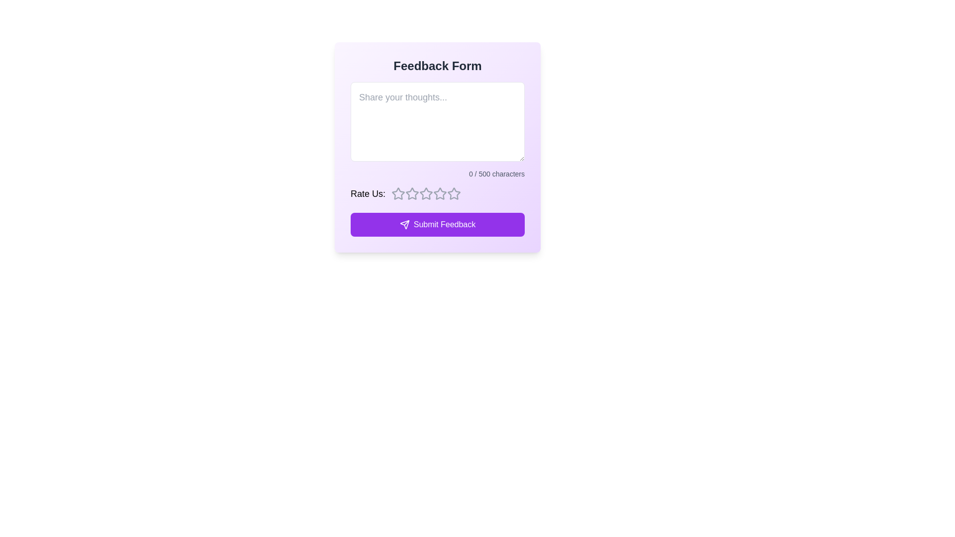 Image resolution: width=955 pixels, height=537 pixels. What do you see at coordinates (412, 193) in the screenshot?
I see `the hollow star icon representing a one-star rating` at bounding box center [412, 193].